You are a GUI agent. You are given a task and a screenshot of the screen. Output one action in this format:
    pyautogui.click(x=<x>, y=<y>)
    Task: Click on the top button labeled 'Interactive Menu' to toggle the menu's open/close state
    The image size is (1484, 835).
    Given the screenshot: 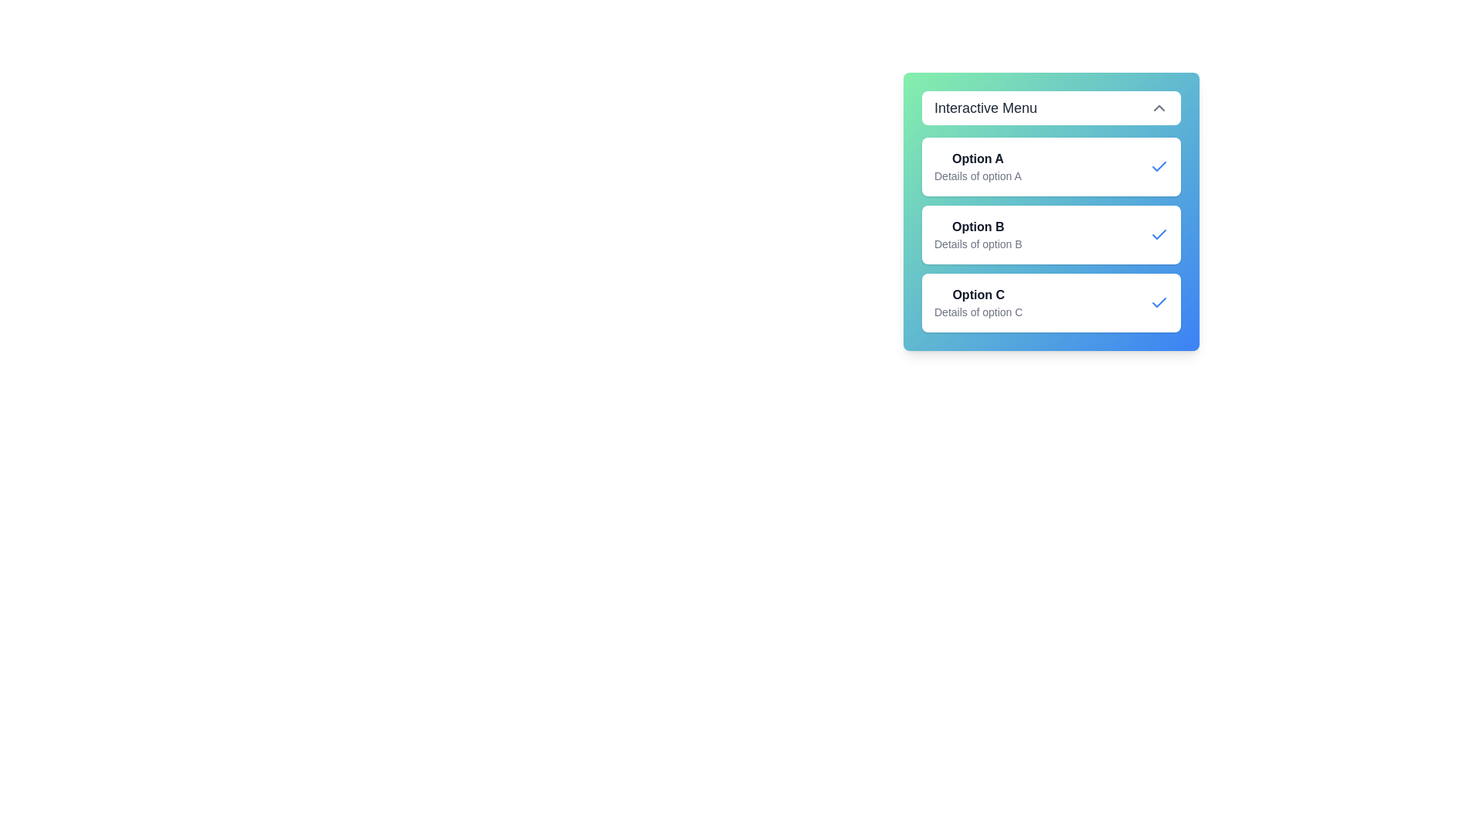 What is the action you would take?
    pyautogui.click(x=1051, y=107)
    